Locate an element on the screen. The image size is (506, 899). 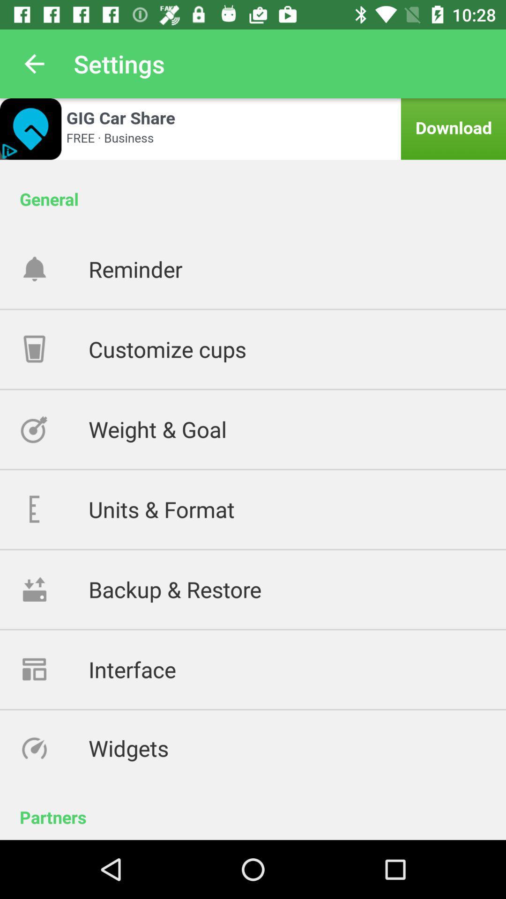
the bell symbol is located at coordinates (54, 268).